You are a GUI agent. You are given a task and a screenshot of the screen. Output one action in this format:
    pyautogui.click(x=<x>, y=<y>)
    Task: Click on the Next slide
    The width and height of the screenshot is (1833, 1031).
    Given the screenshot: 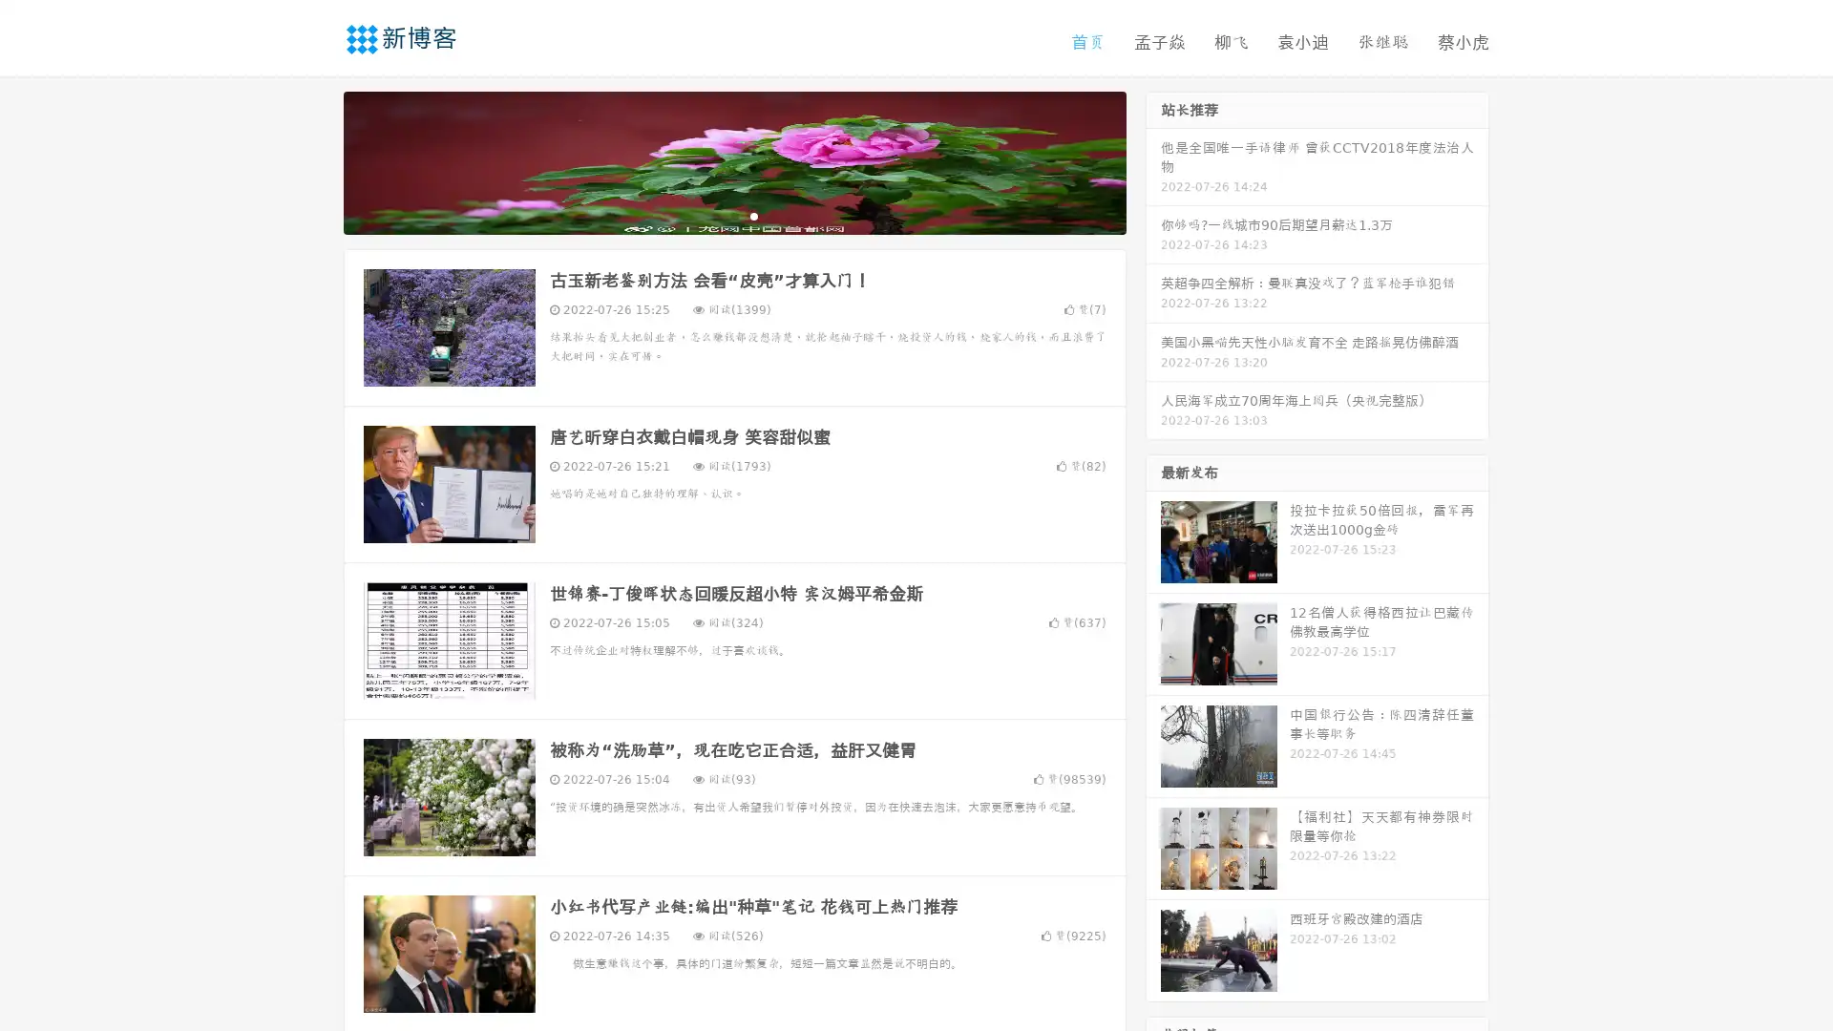 What is the action you would take?
    pyautogui.click(x=1153, y=160)
    